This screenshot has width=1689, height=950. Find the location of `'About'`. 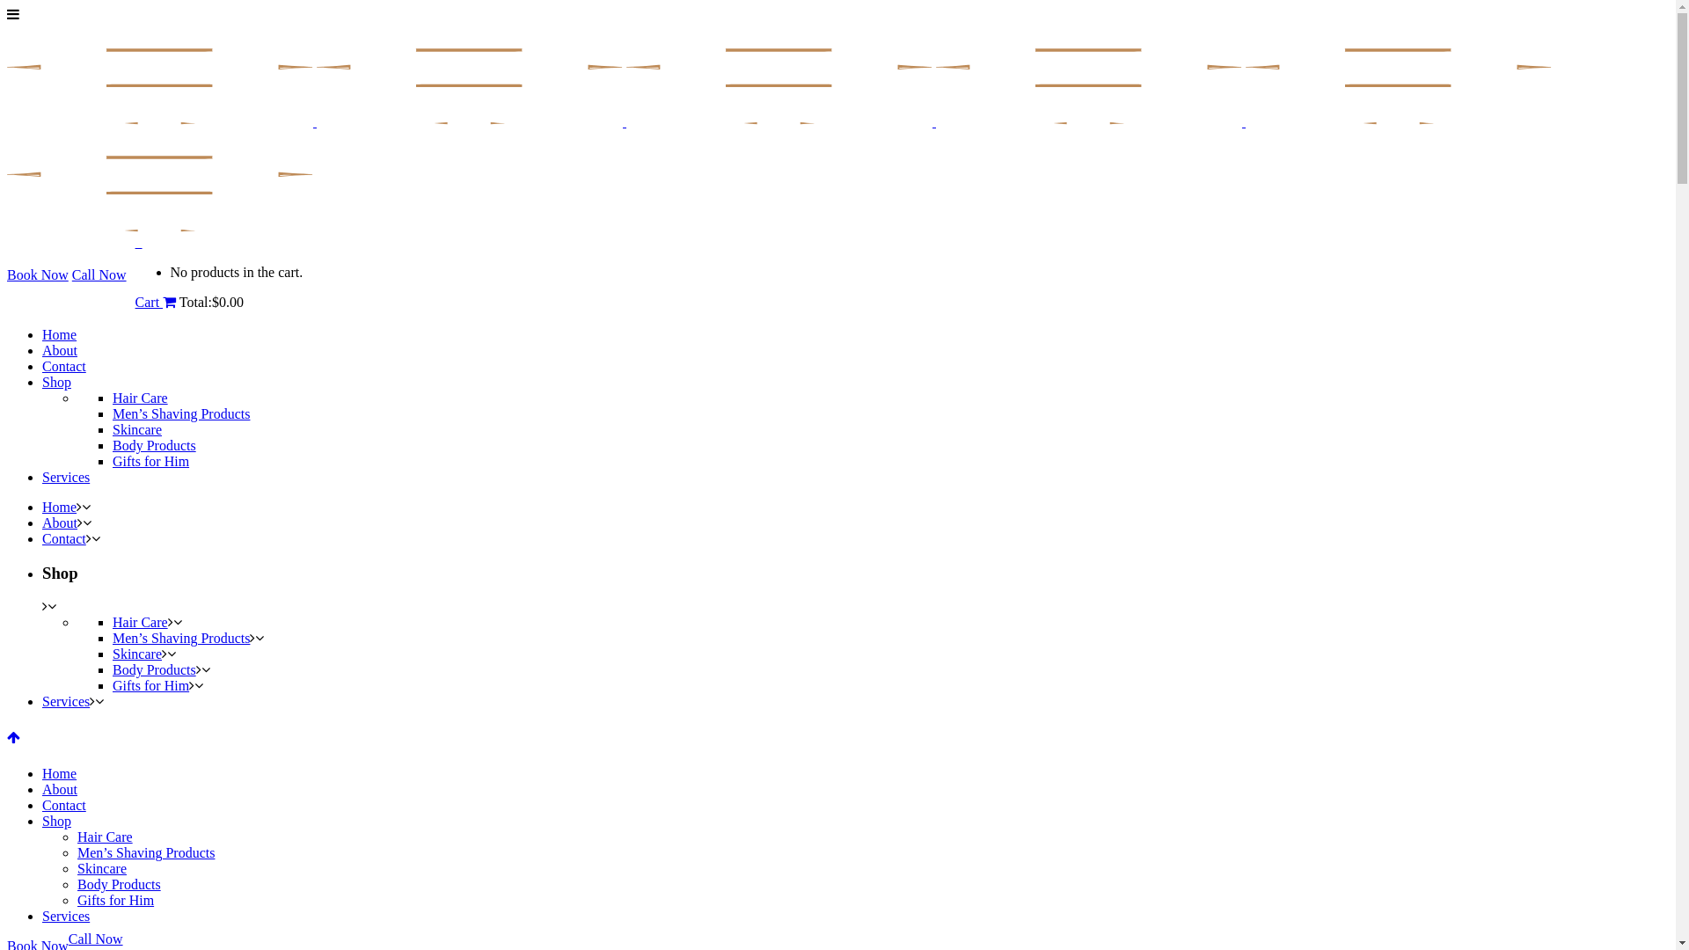

'About' is located at coordinates (59, 788).